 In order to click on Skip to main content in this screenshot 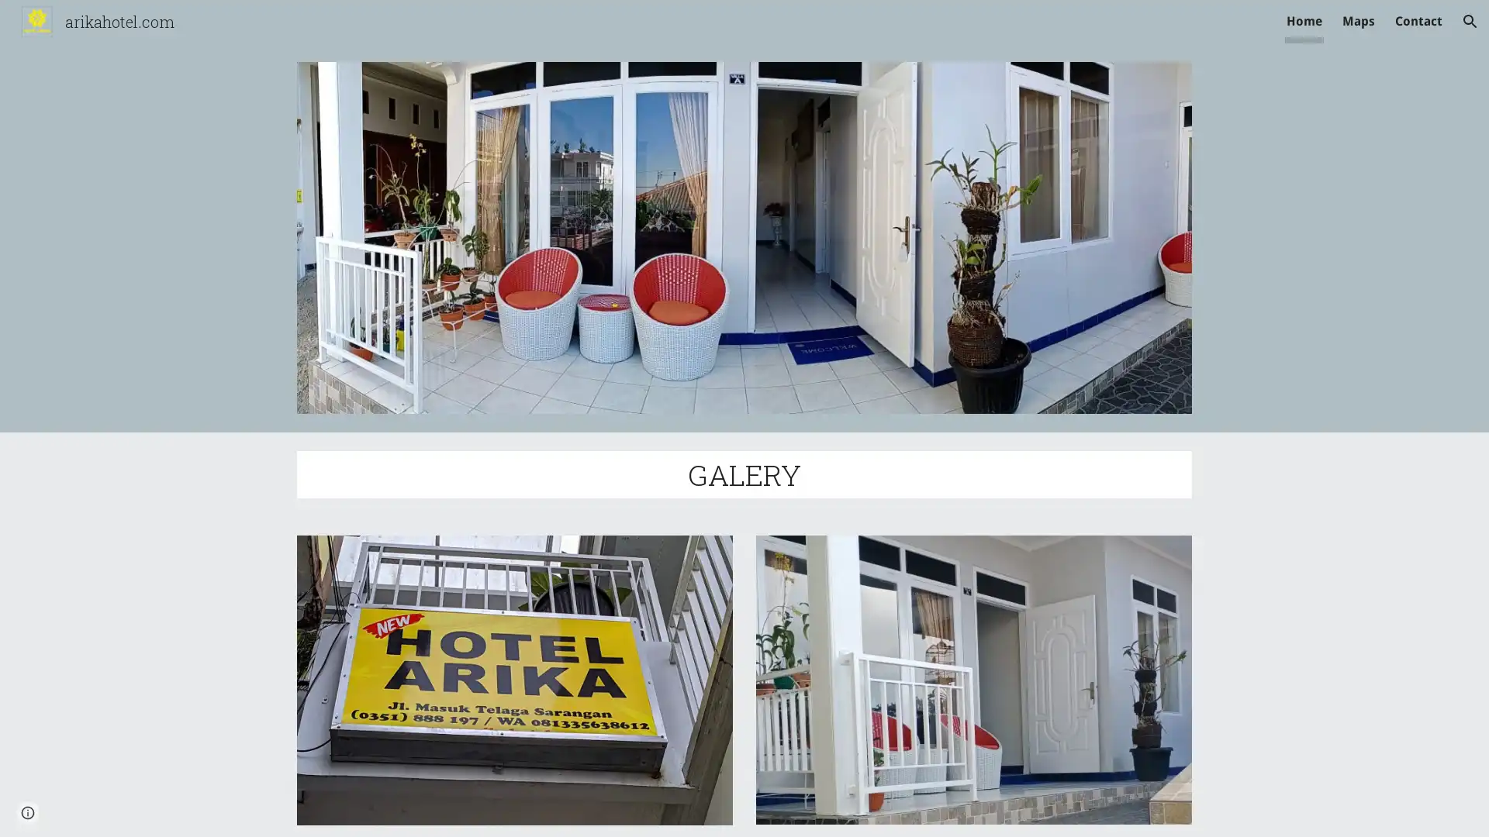, I will do `click(610, 29)`.